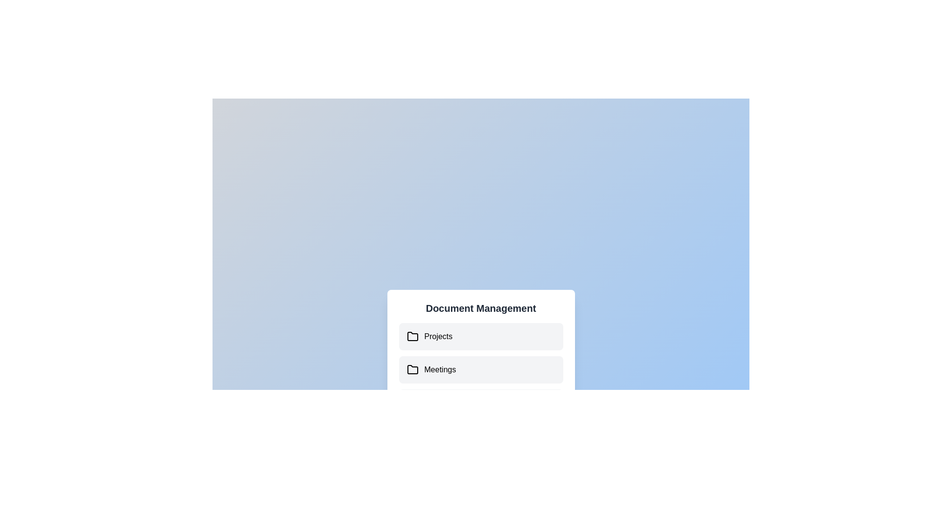  Describe the element at coordinates (481, 370) in the screenshot. I see `the document 'Meeting Notes.docx' under the folder 'Meetings'` at that location.